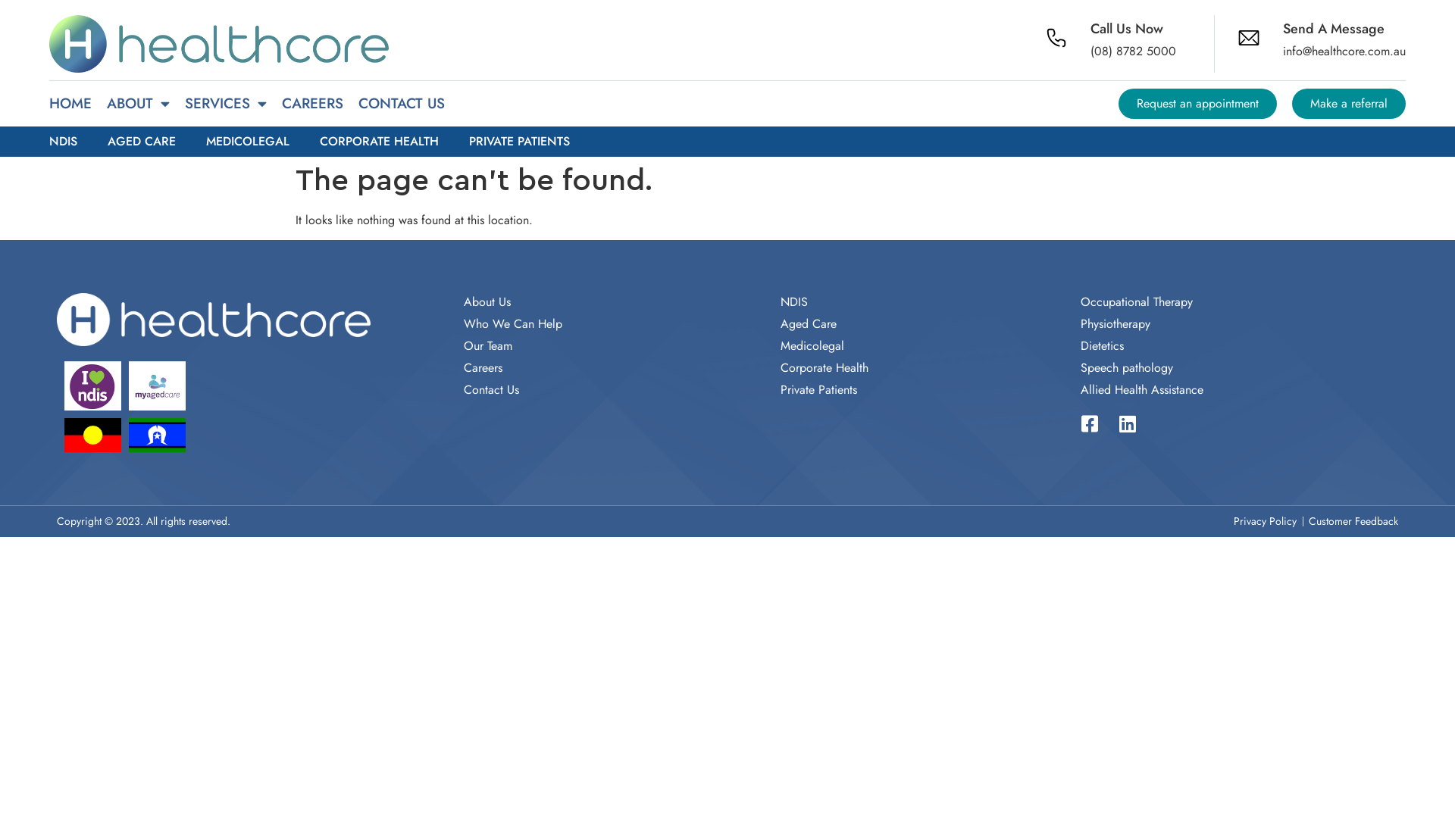 This screenshot has width=1455, height=818. Describe the element at coordinates (482, 368) in the screenshot. I see `'Careers'` at that location.